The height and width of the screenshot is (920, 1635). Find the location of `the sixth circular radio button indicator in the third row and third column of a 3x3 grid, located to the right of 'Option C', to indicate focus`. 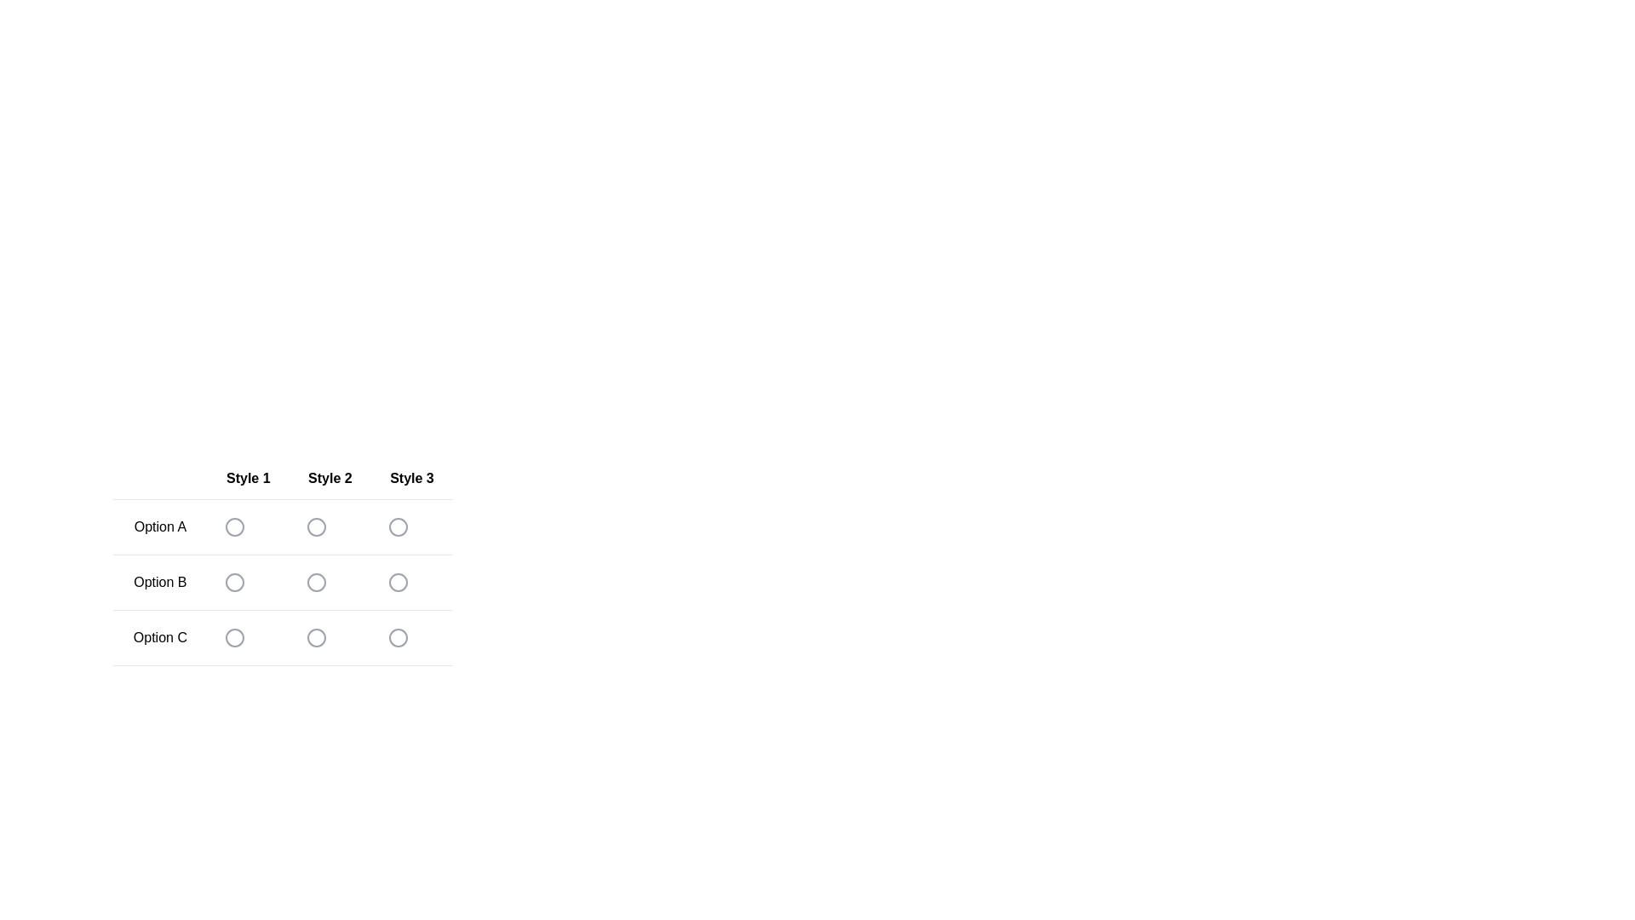

the sixth circular radio button indicator in the third row and third column of a 3x3 grid, located to the right of 'Option C', to indicate focus is located at coordinates (397, 637).